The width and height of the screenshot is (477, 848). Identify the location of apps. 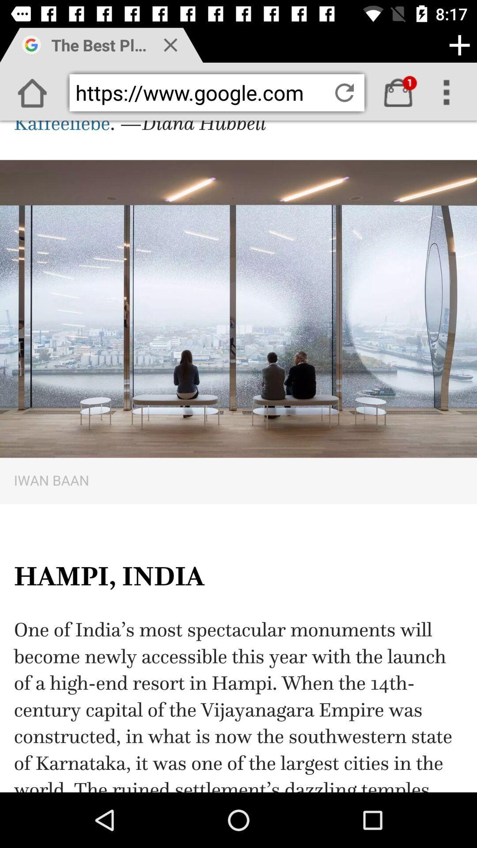
(459, 45).